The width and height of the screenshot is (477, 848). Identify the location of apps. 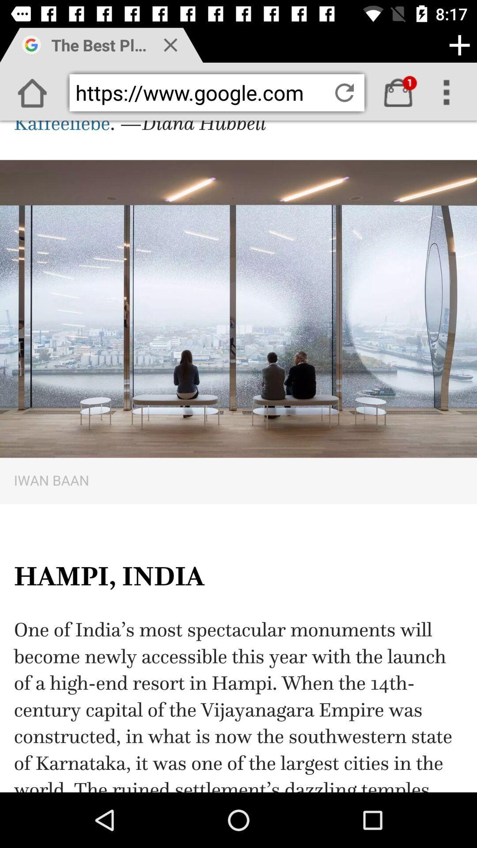
(459, 45).